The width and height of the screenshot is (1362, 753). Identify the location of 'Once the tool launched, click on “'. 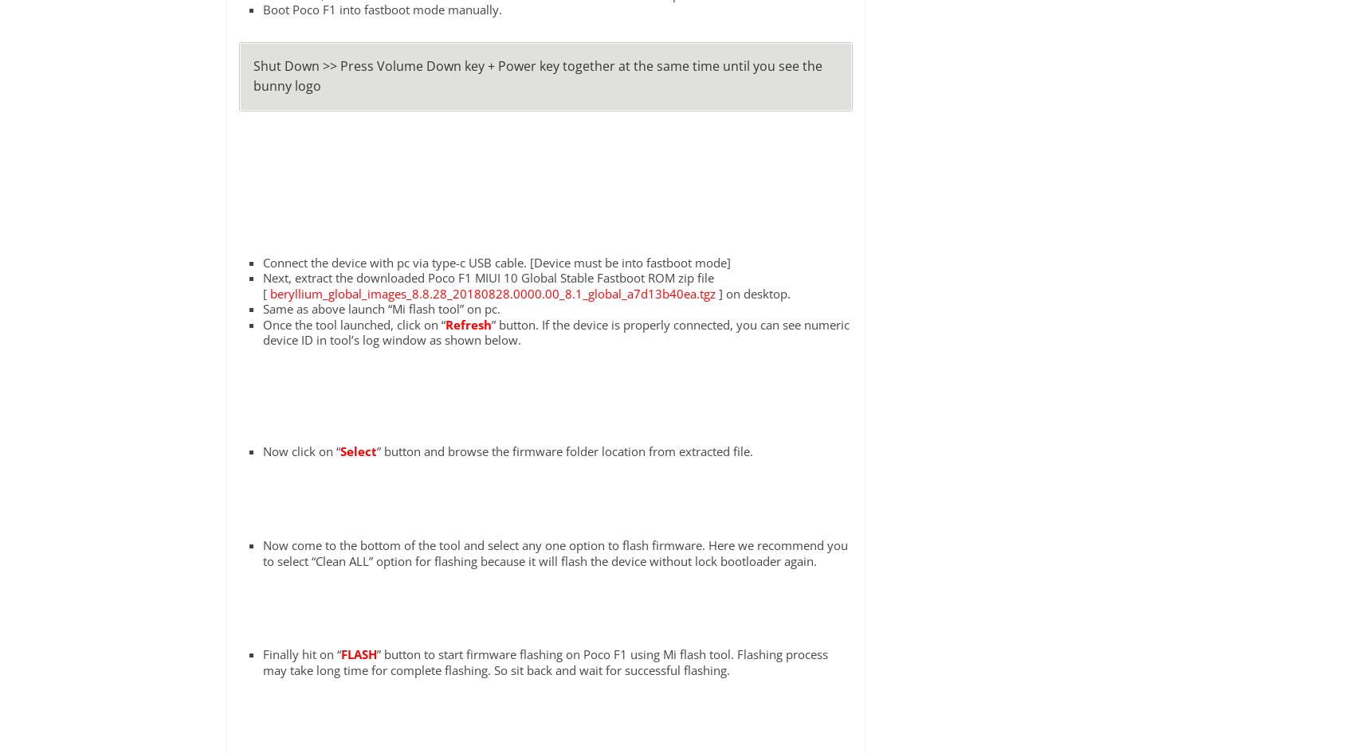
(352, 322).